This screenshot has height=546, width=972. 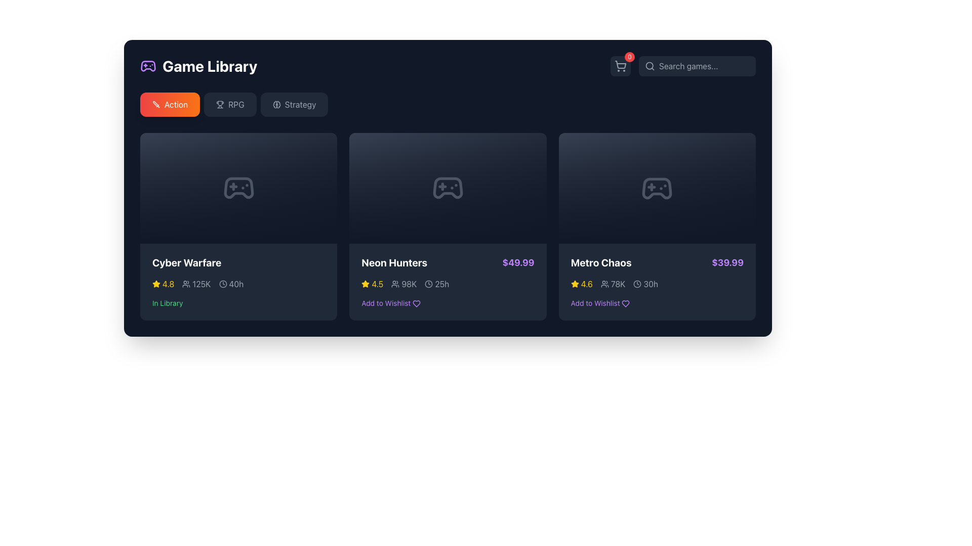 I want to click on the text label displaying '30h' in gray color, which is located in the bottom-right section of the 'Metro Chaos' card, adjacent to a clock icon, so click(x=651, y=284).